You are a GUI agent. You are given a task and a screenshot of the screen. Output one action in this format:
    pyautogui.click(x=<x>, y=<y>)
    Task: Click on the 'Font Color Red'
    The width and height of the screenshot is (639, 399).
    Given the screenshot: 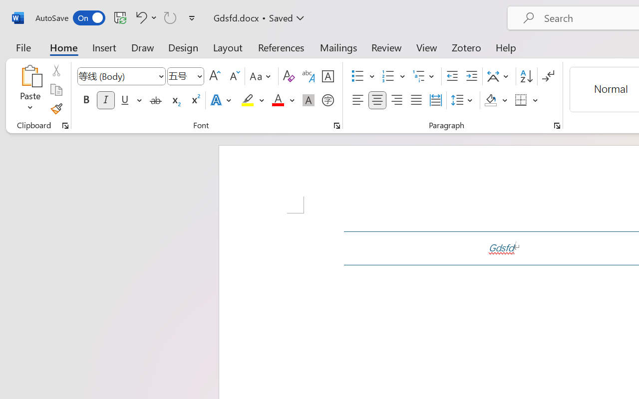 What is the action you would take?
    pyautogui.click(x=278, y=100)
    